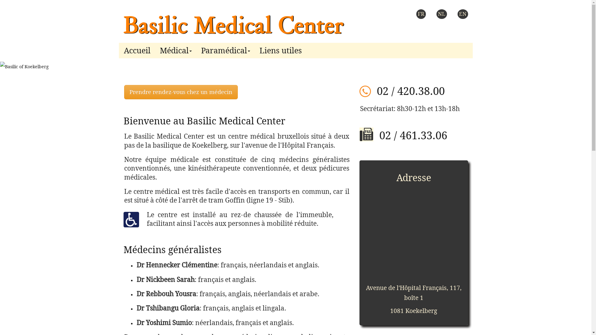  Describe the element at coordinates (280, 49) in the screenshot. I see `'Liens utiles'` at that location.